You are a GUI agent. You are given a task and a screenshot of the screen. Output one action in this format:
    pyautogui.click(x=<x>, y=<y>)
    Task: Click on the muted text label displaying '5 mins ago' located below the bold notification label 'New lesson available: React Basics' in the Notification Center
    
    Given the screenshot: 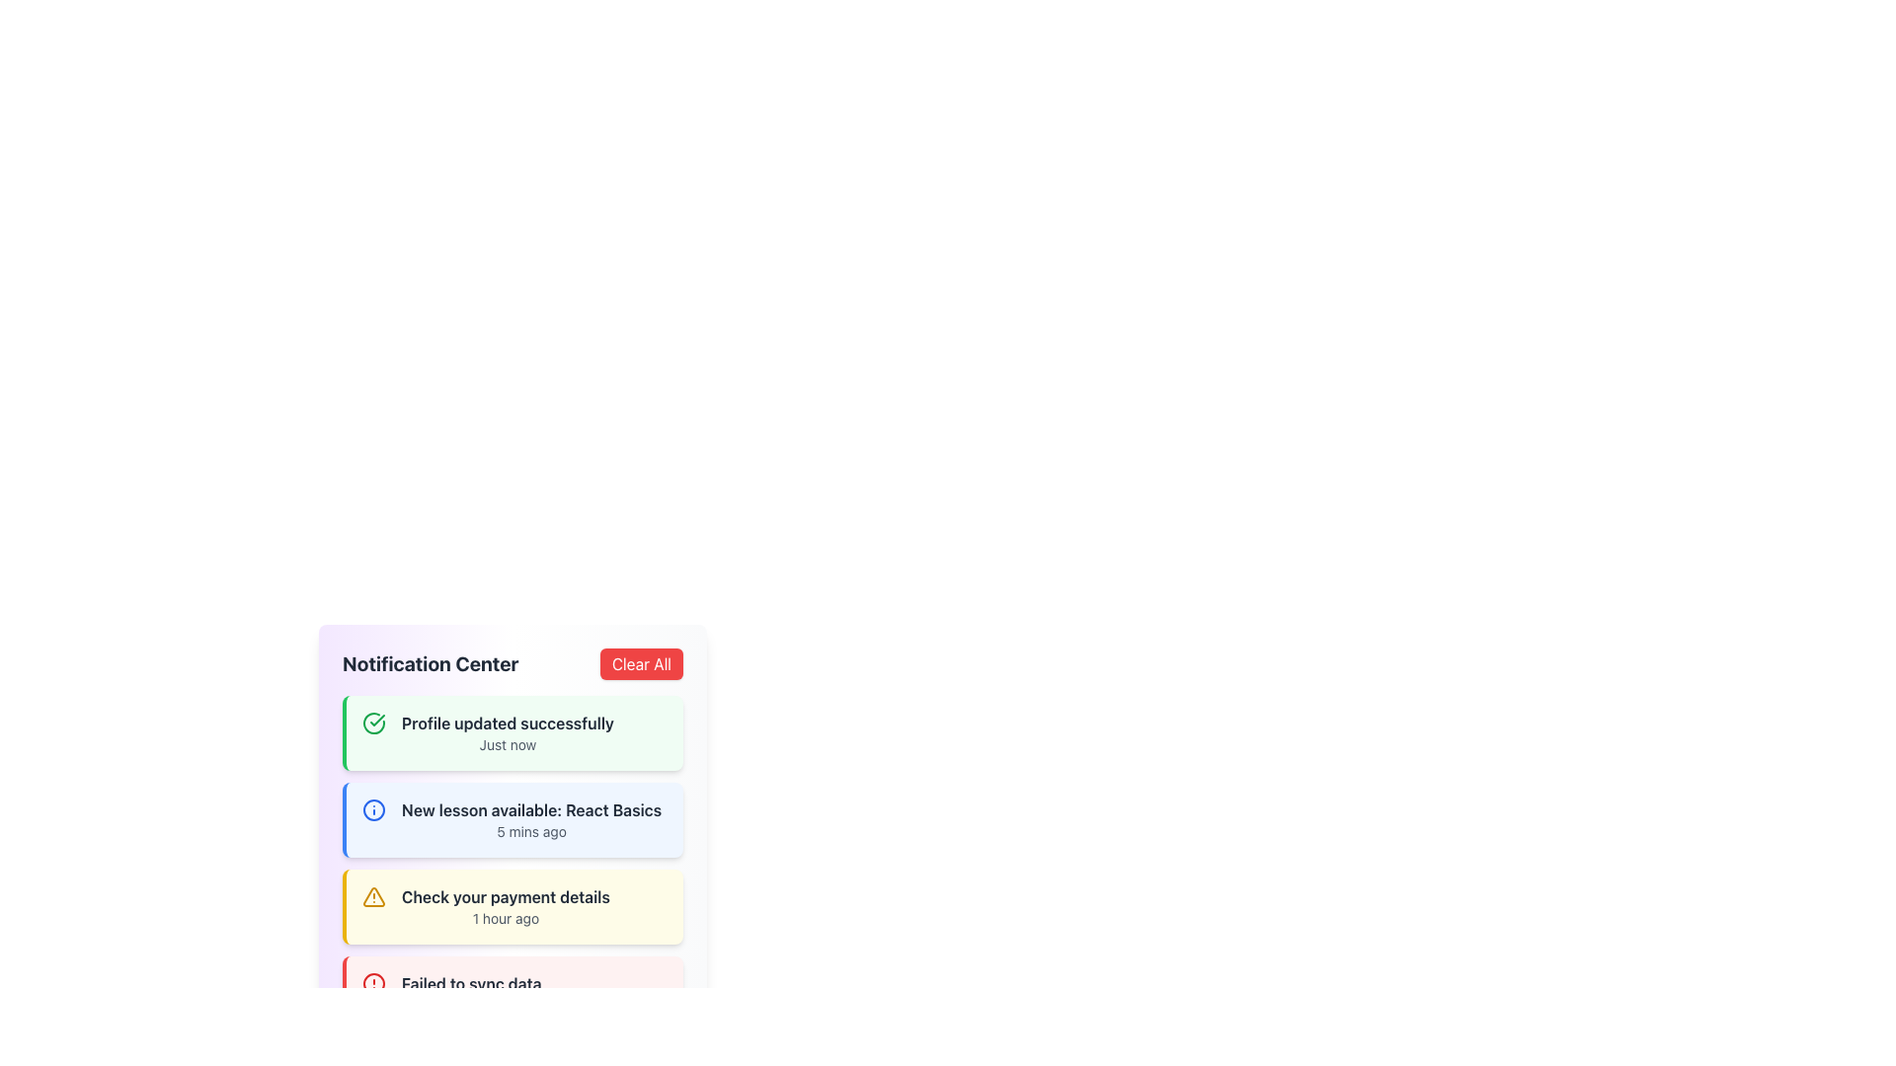 What is the action you would take?
    pyautogui.click(x=531, y=832)
    